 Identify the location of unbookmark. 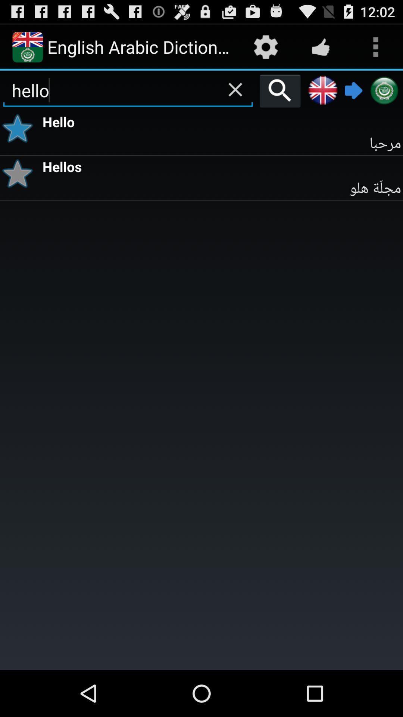
(20, 128).